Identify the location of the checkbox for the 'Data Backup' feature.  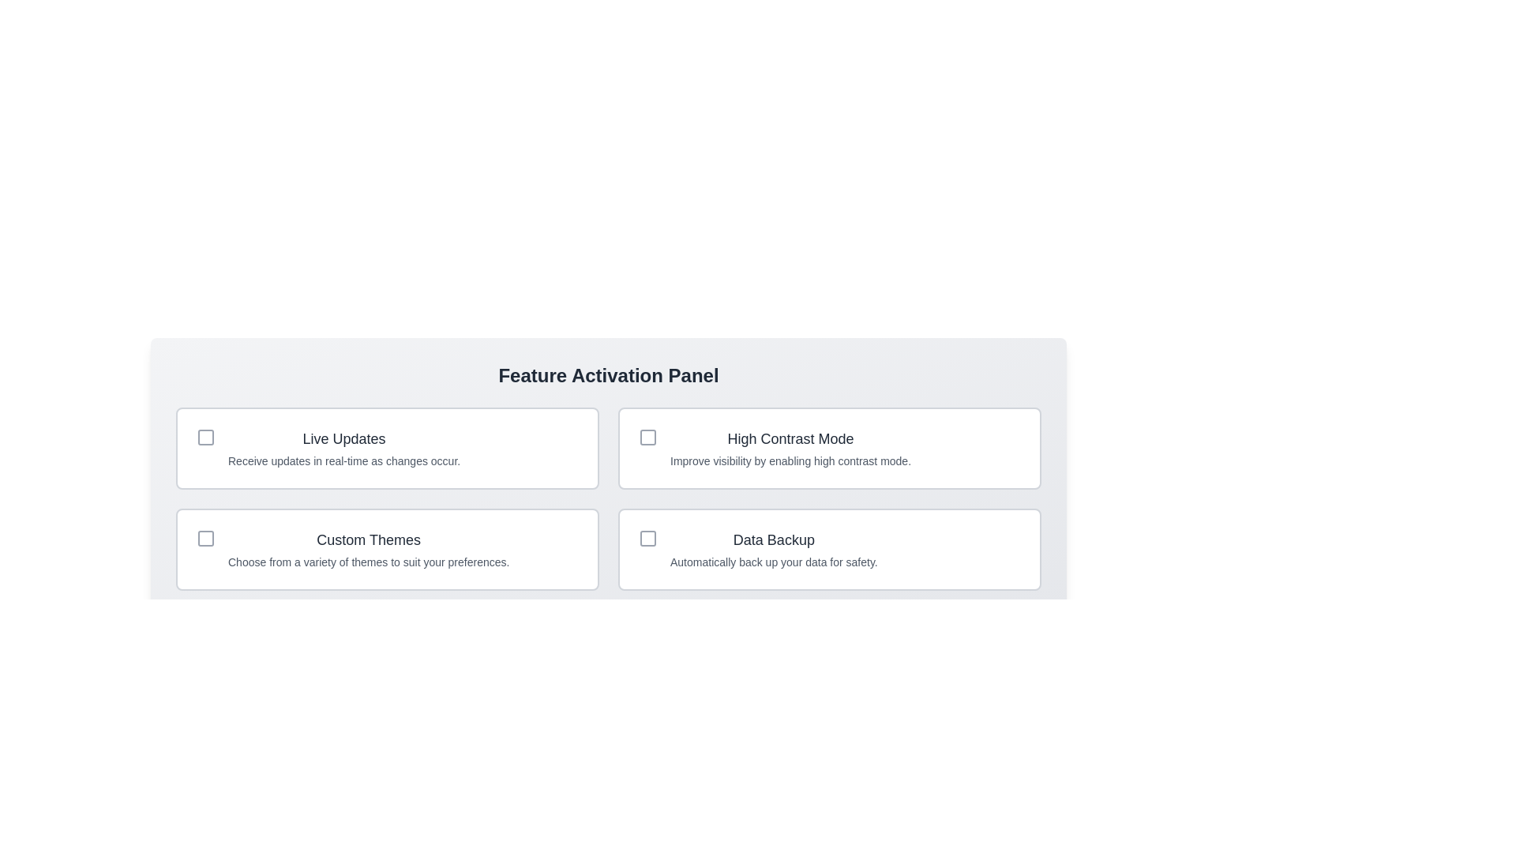
(647, 538).